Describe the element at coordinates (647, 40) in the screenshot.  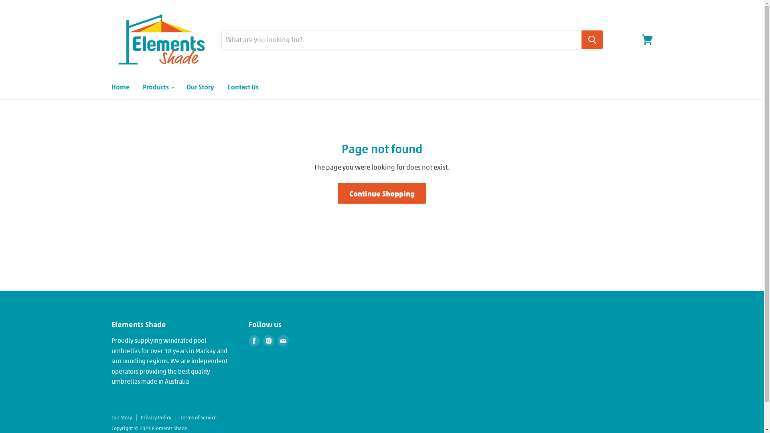
I see `'View cart'` at that location.